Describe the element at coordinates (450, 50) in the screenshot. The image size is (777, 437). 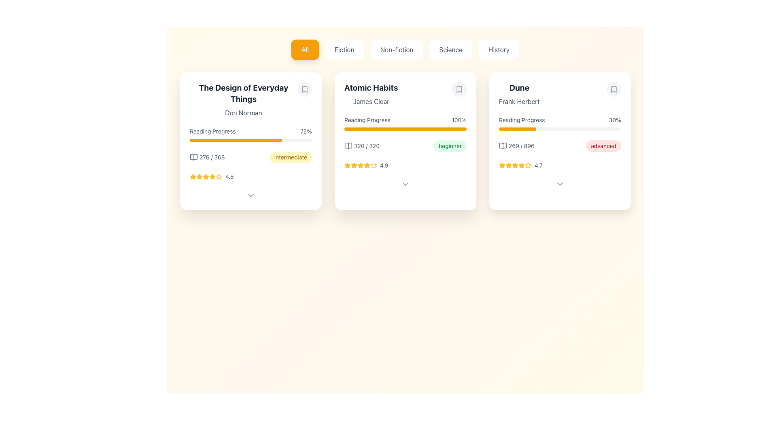
I see `the 'Science' category selector button, which is the fourth button in a series of five buttons located below the navigation bar` at that location.